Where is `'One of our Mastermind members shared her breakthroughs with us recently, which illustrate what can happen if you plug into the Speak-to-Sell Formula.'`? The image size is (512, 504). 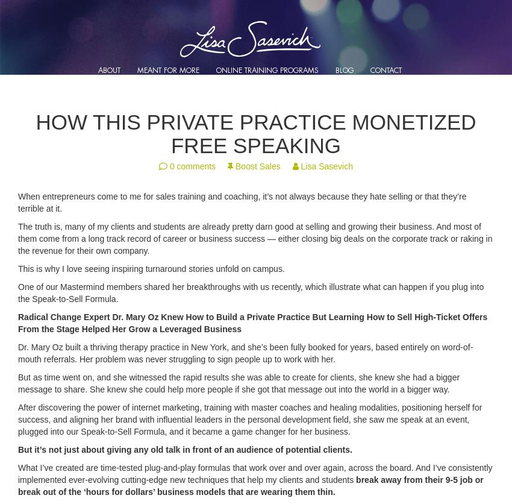
'One of our Mastermind members shared her breakthroughs with us recently, which illustrate what can happen if you plug into the Speak-to-Sell Formula.' is located at coordinates (251, 292).